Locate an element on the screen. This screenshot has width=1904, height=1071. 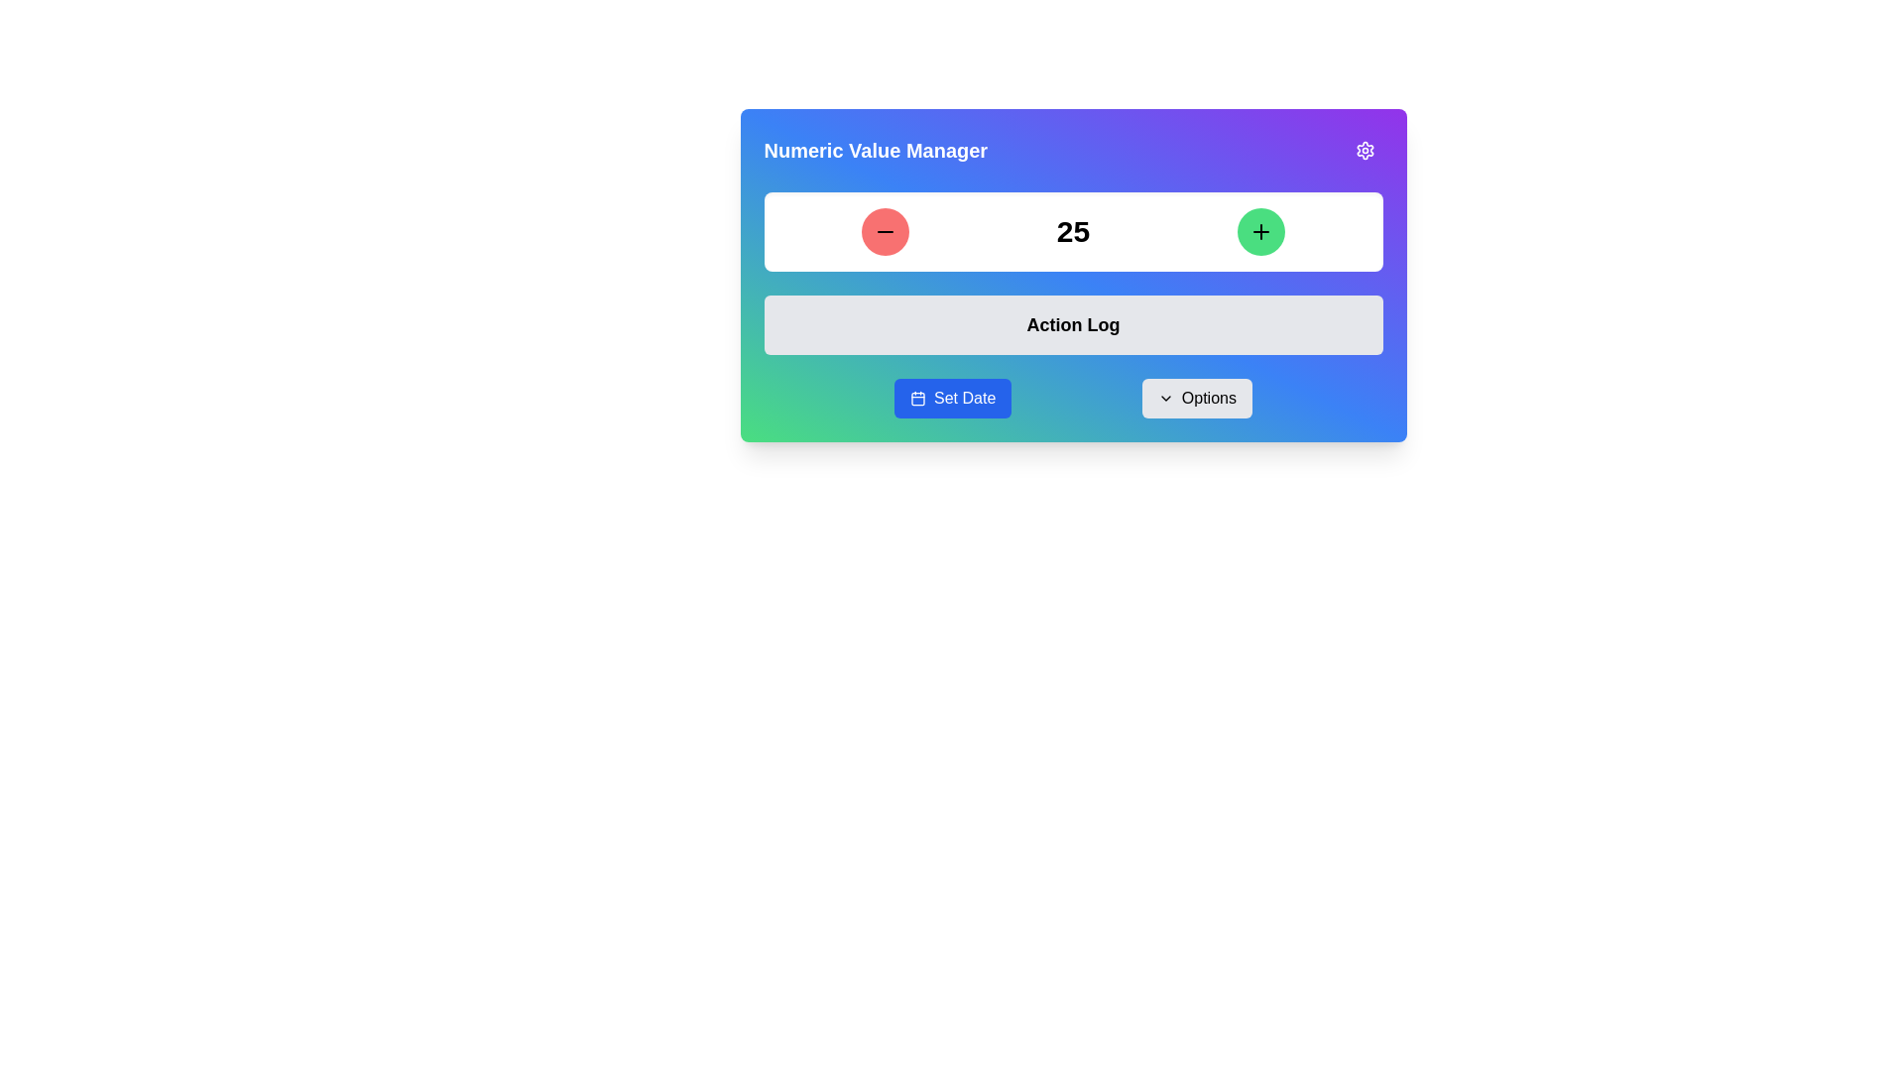
the 'Set Date' button located in the bottom section of the 'Numeric Value Manager' card is located at coordinates (953, 398).